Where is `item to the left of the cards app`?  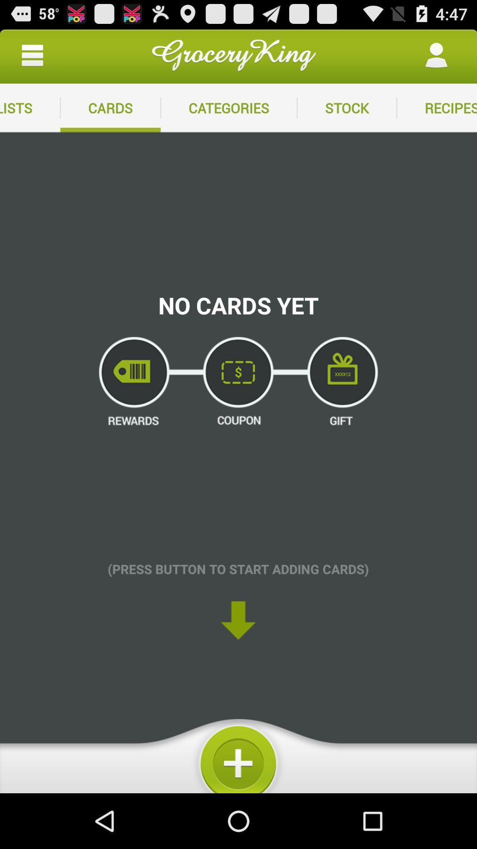 item to the left of the cards app is located at coordinates (30, 107).